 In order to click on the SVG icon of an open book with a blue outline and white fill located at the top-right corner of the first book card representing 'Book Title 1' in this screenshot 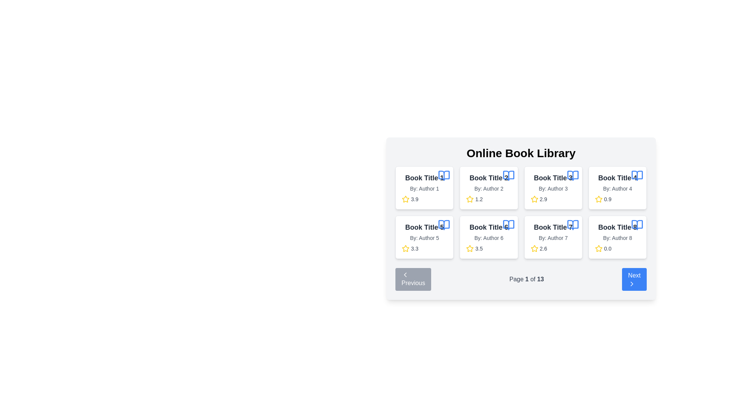, I will do `click(444, 175)`.